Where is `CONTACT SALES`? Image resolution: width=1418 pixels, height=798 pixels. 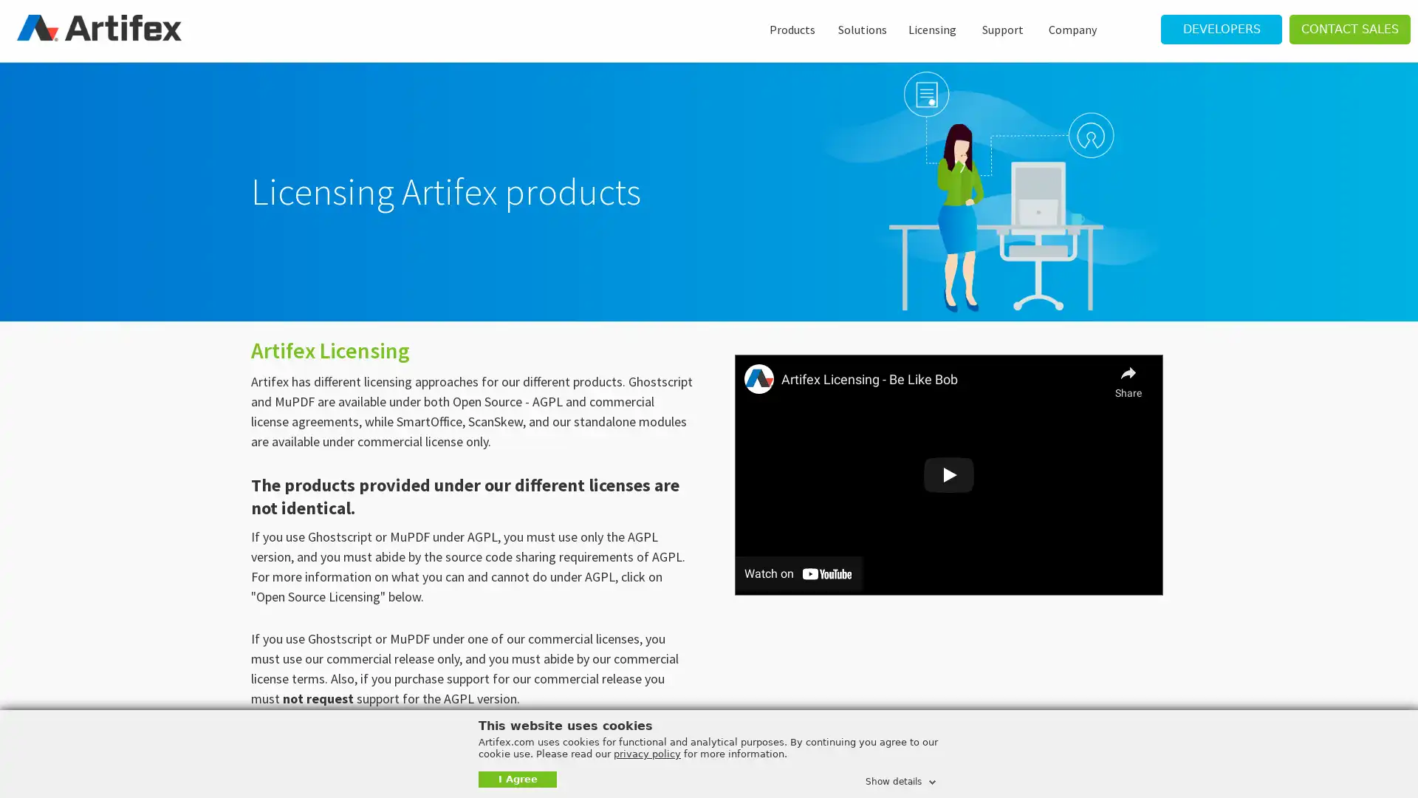 CONTACT SALES is located at coordinates (1350, 29).